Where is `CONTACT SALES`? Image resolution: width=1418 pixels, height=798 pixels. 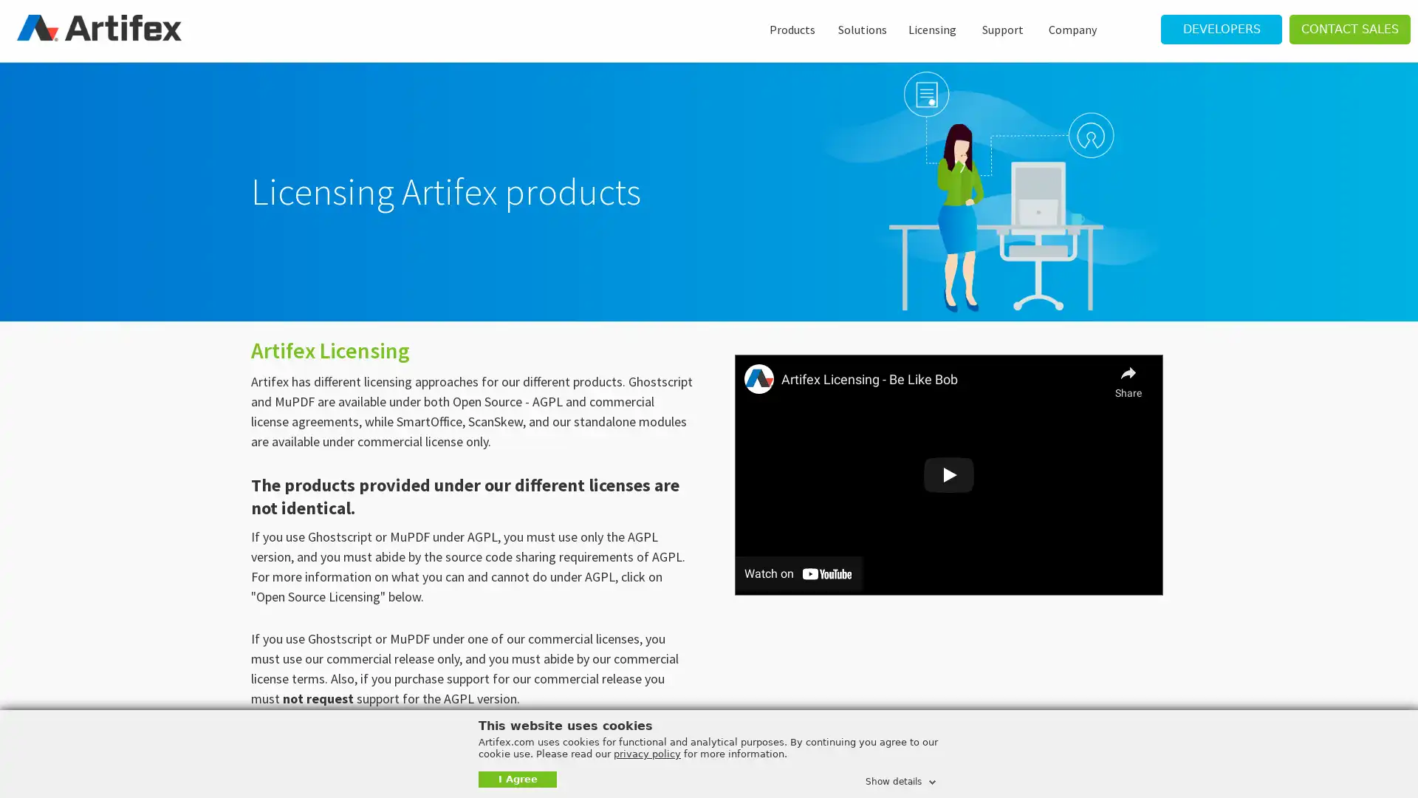 CONTACT SALES is located at coordinates (1350, 29).